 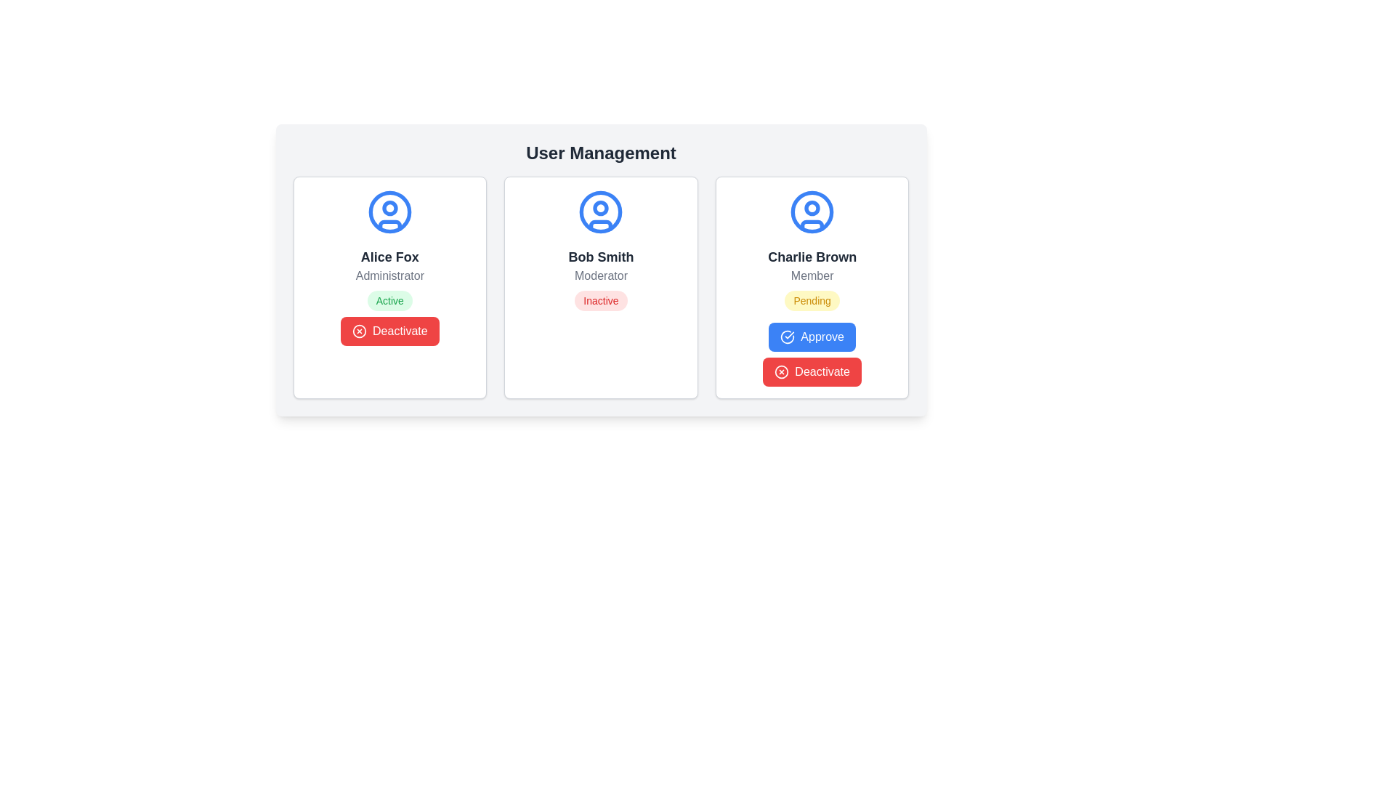 What do you see at coordinates (812, 371) in the screenshot?
I see `the deactivate button for Charlie Brown` at bounding box center [812, 371].